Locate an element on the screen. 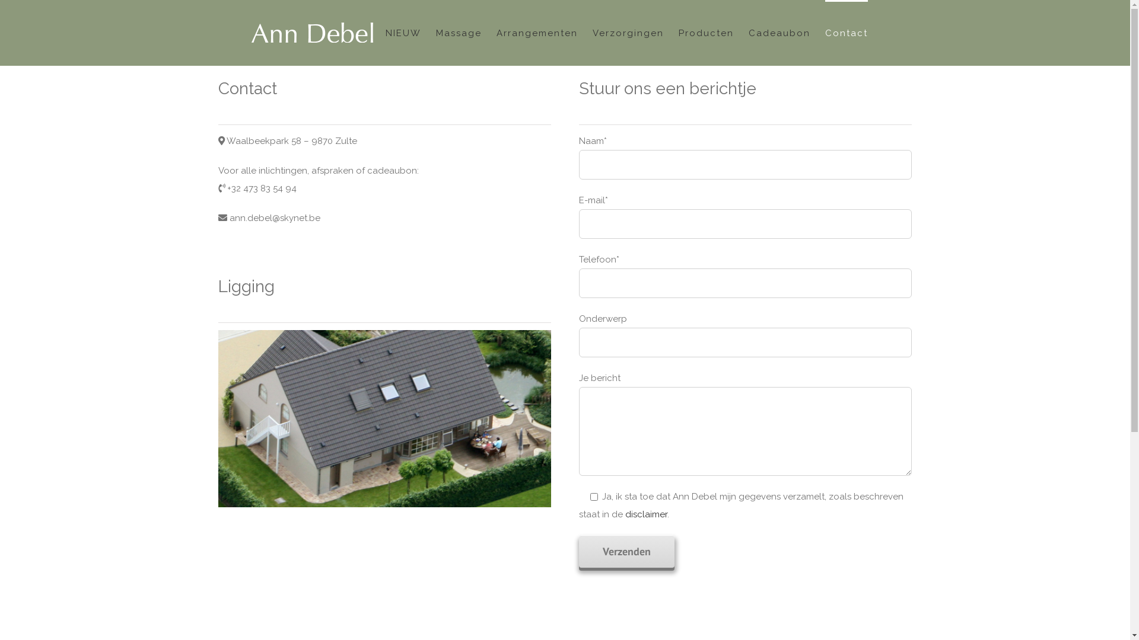  'disclaimer' is located at coordinates (645, 513).